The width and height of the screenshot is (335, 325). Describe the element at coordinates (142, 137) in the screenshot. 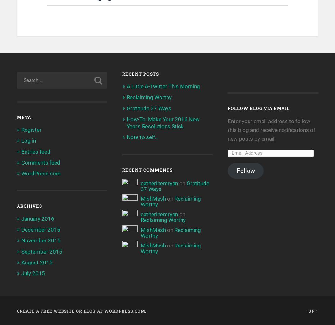

I see `'Note to self…'` at that location.